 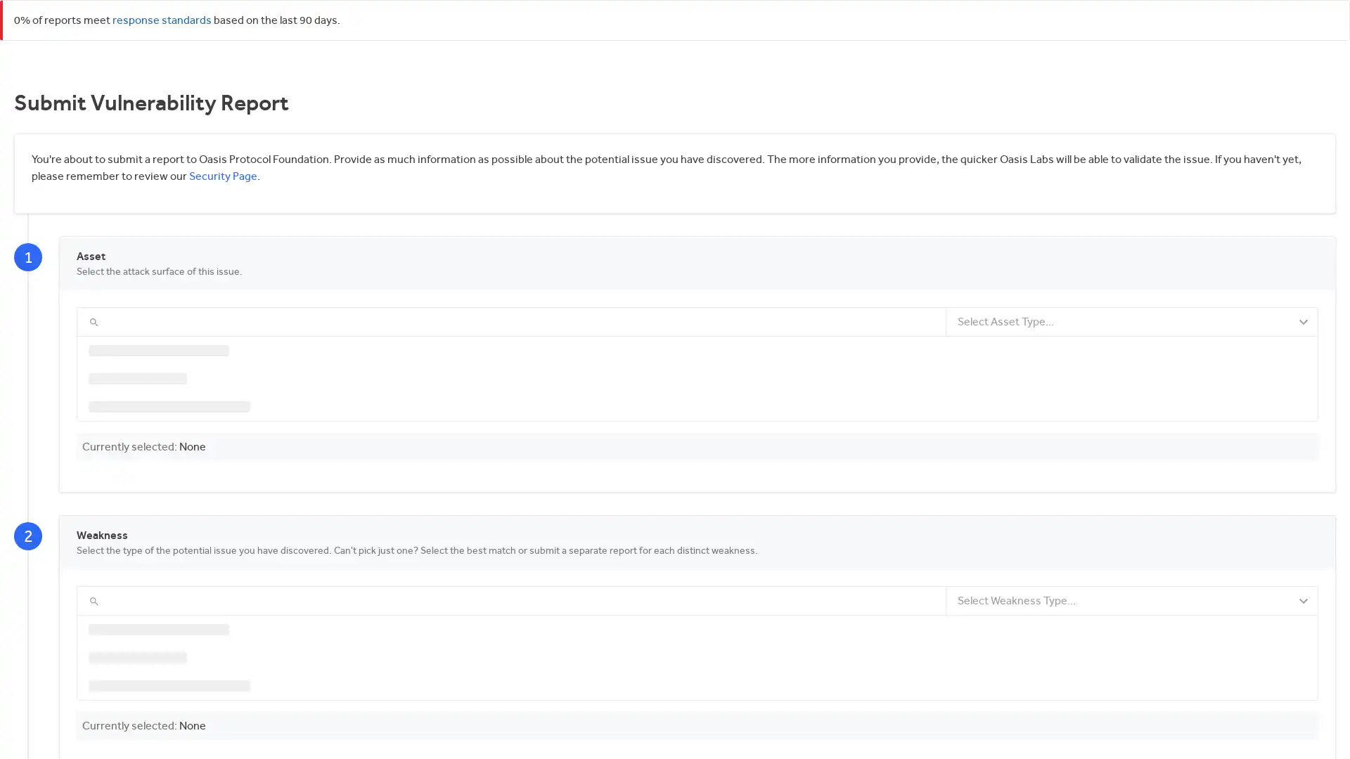 I want to click on Not in Scope Other, so click(x=697, y=670).